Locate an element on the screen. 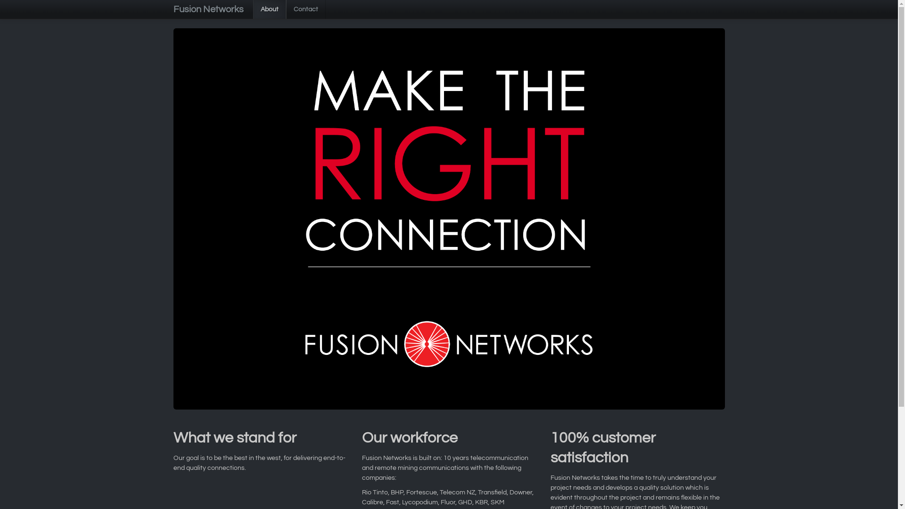  'Contact' is located at coordinates (305, 9).